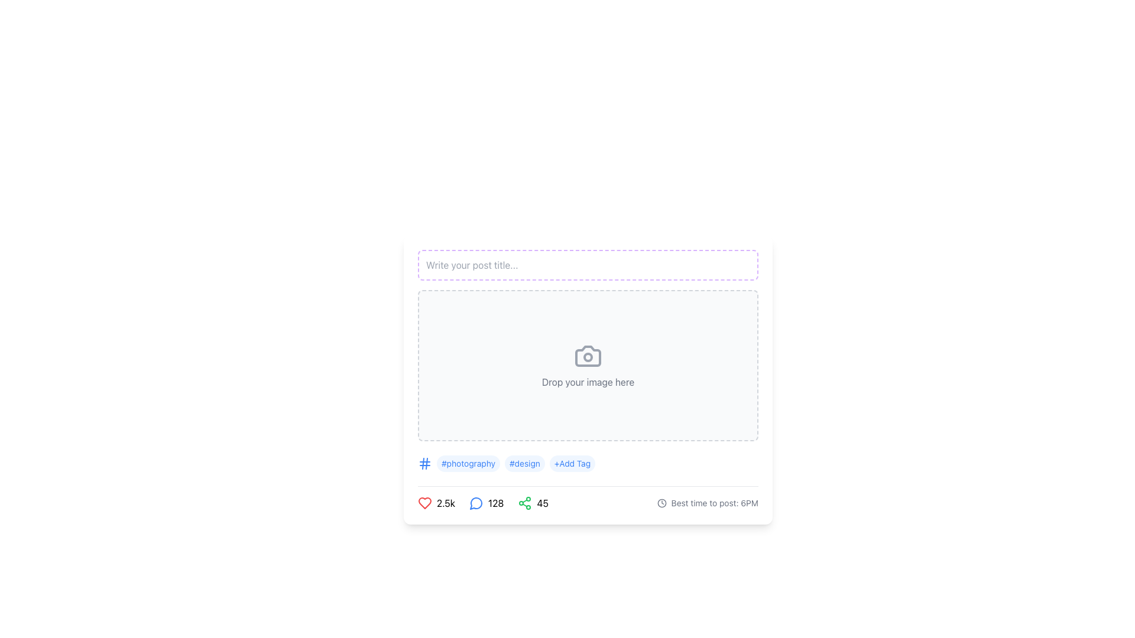  I want to click on the clock icon that indicates the concept of timing, located to the immediate left of the text 'Best time to post: 6PM', so click(661, 503).